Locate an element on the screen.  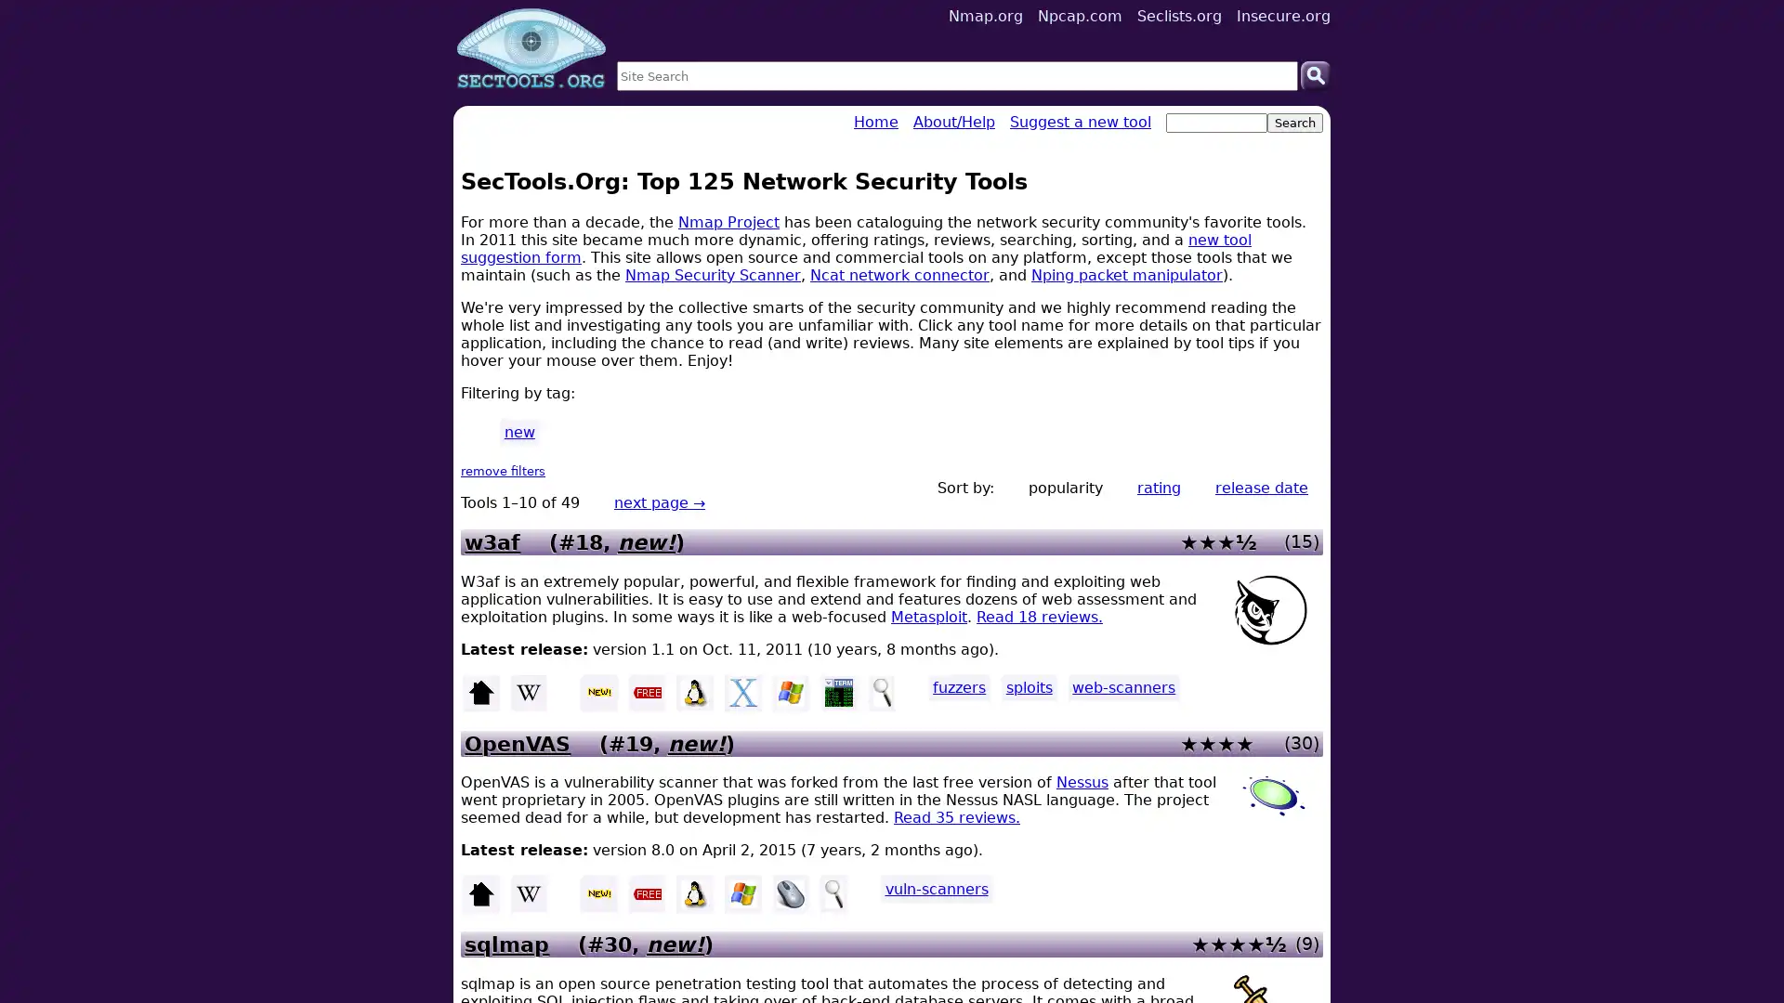
Search is located at coordinates (1293, 123).